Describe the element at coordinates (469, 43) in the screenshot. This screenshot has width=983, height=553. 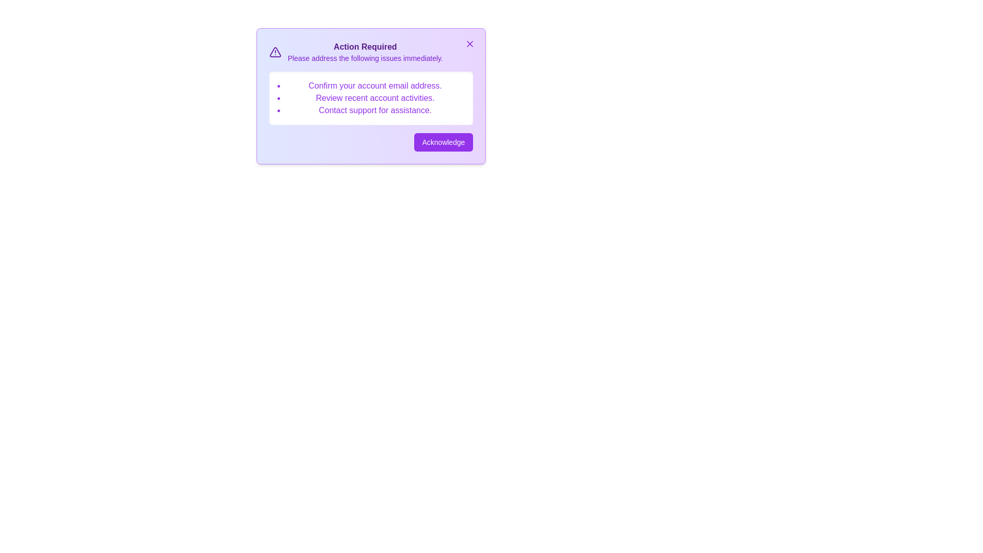
I see `the close button to close the alert` at that location.